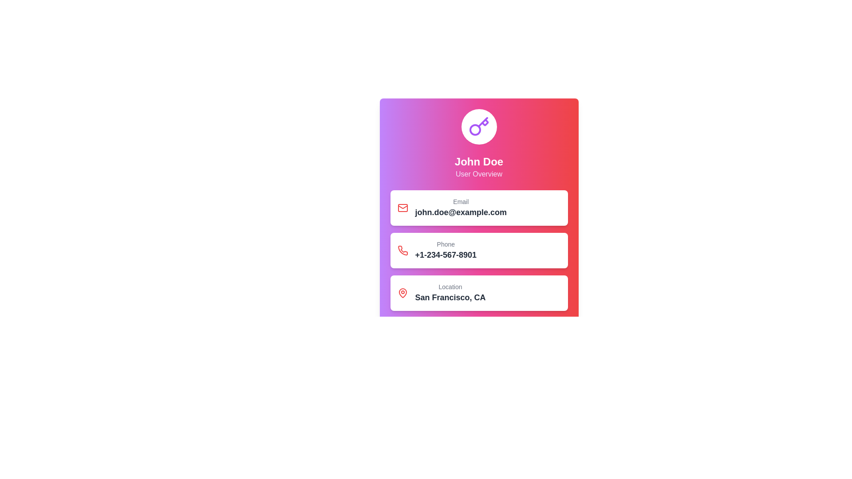 Image resolution: width=852 pixels, height=479 pixels. Describe the element at coordinates (446, 255) in the screenshot. I see `the static text element displaying the phone number '+1-234-567-8901' to potentially reveal additional information` at that location.